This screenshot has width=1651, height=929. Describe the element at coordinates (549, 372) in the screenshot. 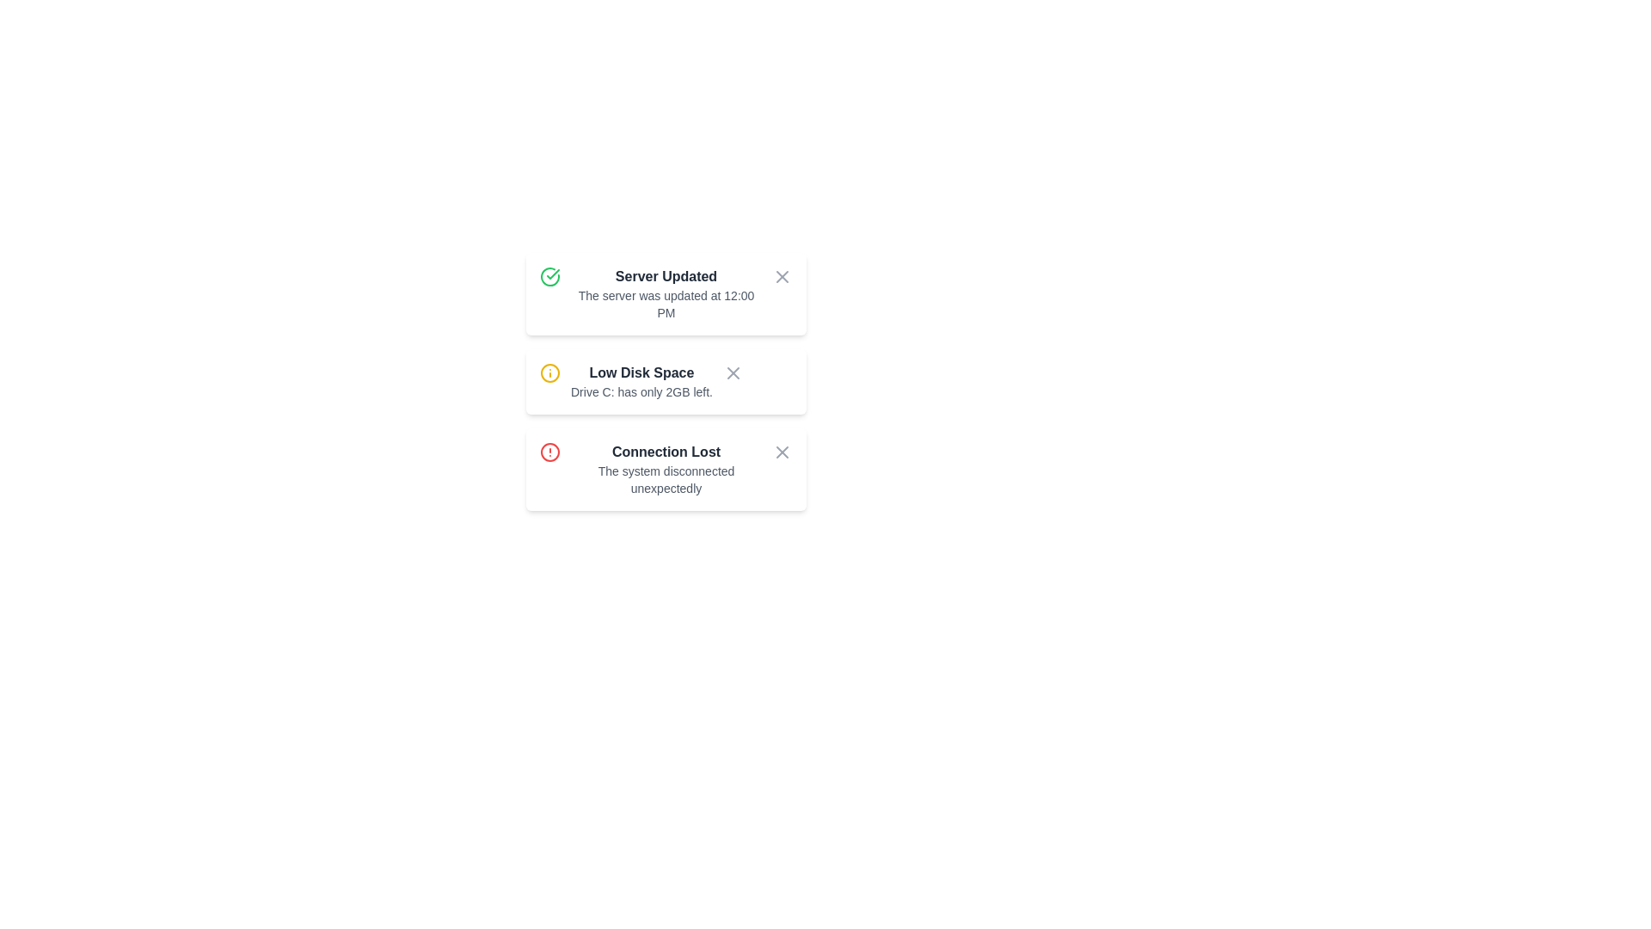

I see `the circular component of the information icon located to the left of the 'Low Disk Space' notification block, which is the second notification in a vertical list` at that location.